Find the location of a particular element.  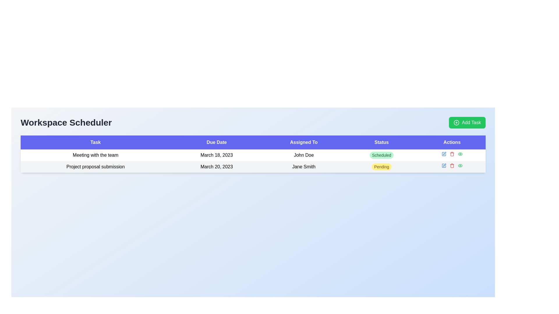

the button located in the top-right corner of the 'Workspace Scheduler' section is located at coordinates (467, 122).